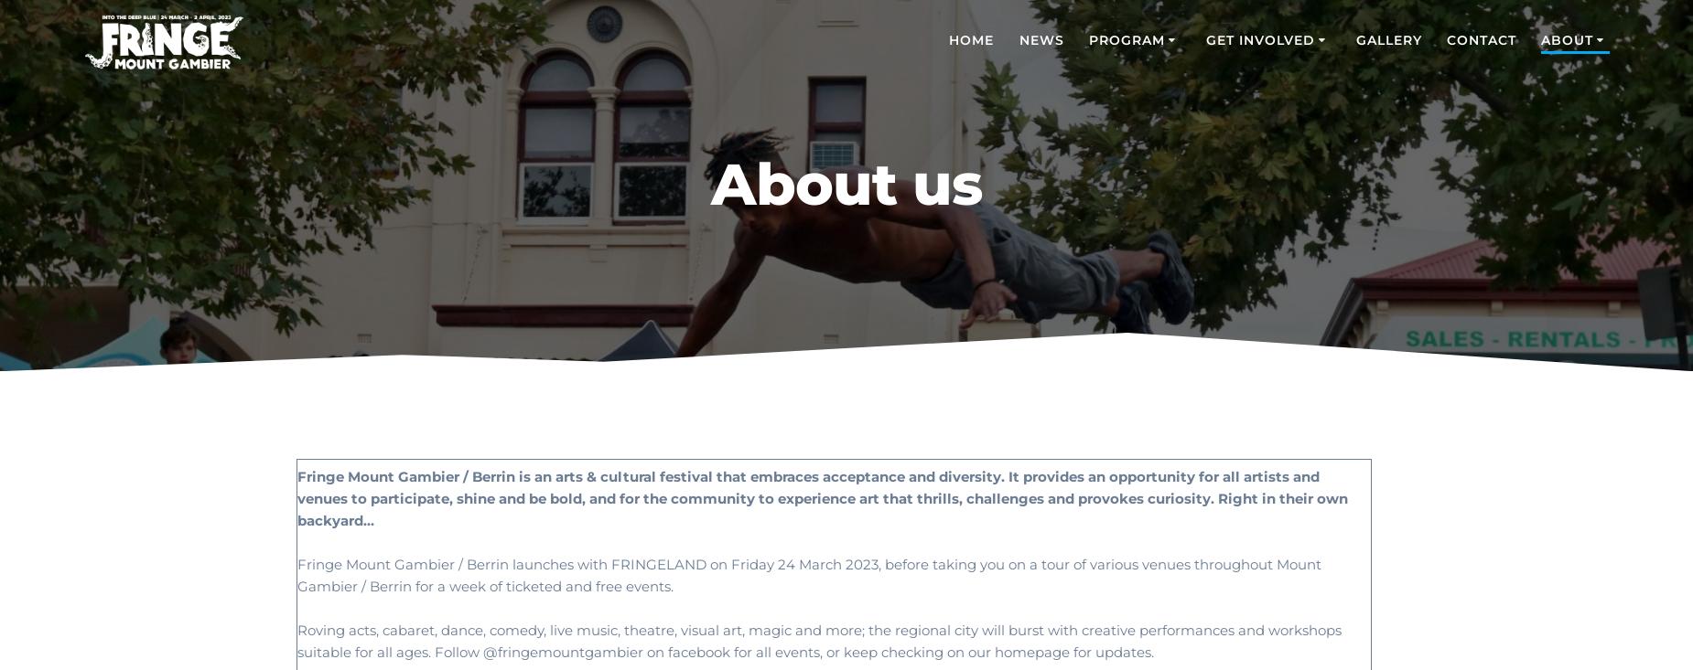  What do you see at coordinates (846, 182) in the screenshot?
I see `'About us'` at bounding box center [846, 182].